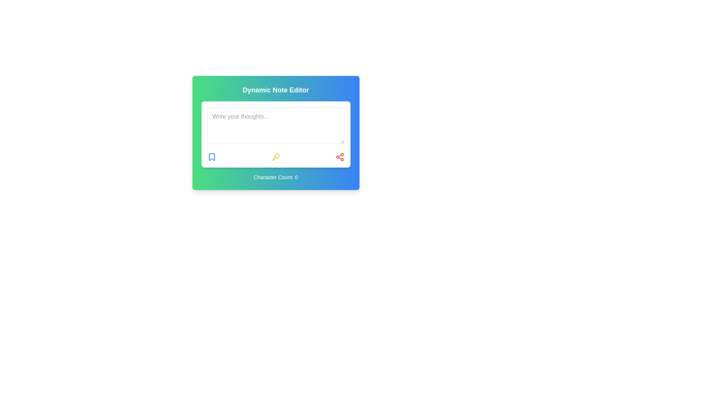 The image size is (719, 404). What do you see at coordinates (339, 157) in the screenshot?
I see `the red share icon button located in the bottom-right corner of the card, which resembles a network of three connected nodes in a triangular pattern` at bounding box center [339, 157].